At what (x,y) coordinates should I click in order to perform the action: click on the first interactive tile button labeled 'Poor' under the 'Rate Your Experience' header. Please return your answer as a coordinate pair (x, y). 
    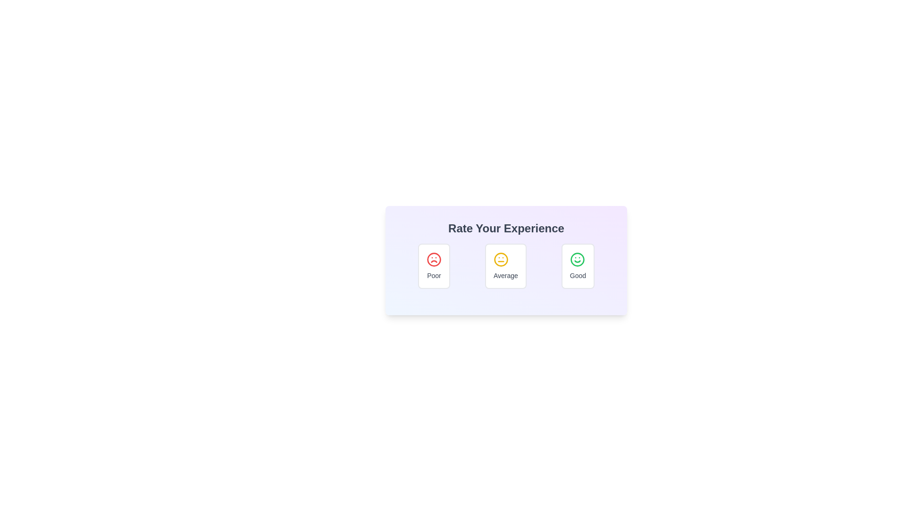
    Looking at the image, I should click on (434, 266).